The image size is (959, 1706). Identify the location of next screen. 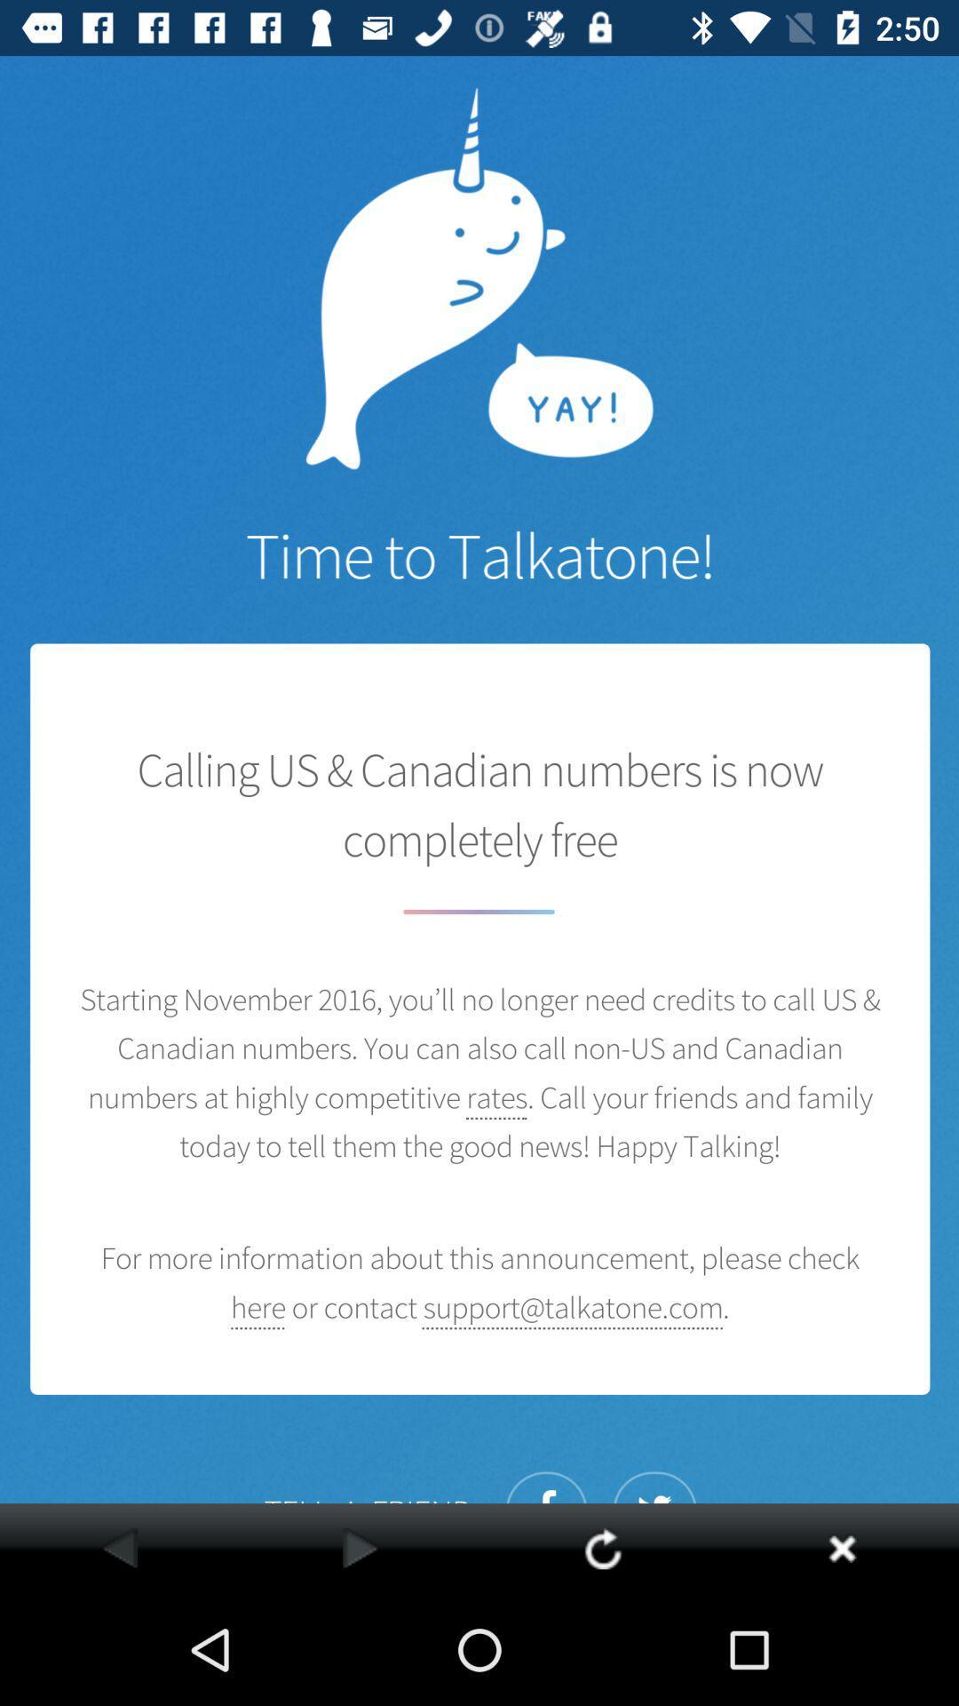
(360, 1547).